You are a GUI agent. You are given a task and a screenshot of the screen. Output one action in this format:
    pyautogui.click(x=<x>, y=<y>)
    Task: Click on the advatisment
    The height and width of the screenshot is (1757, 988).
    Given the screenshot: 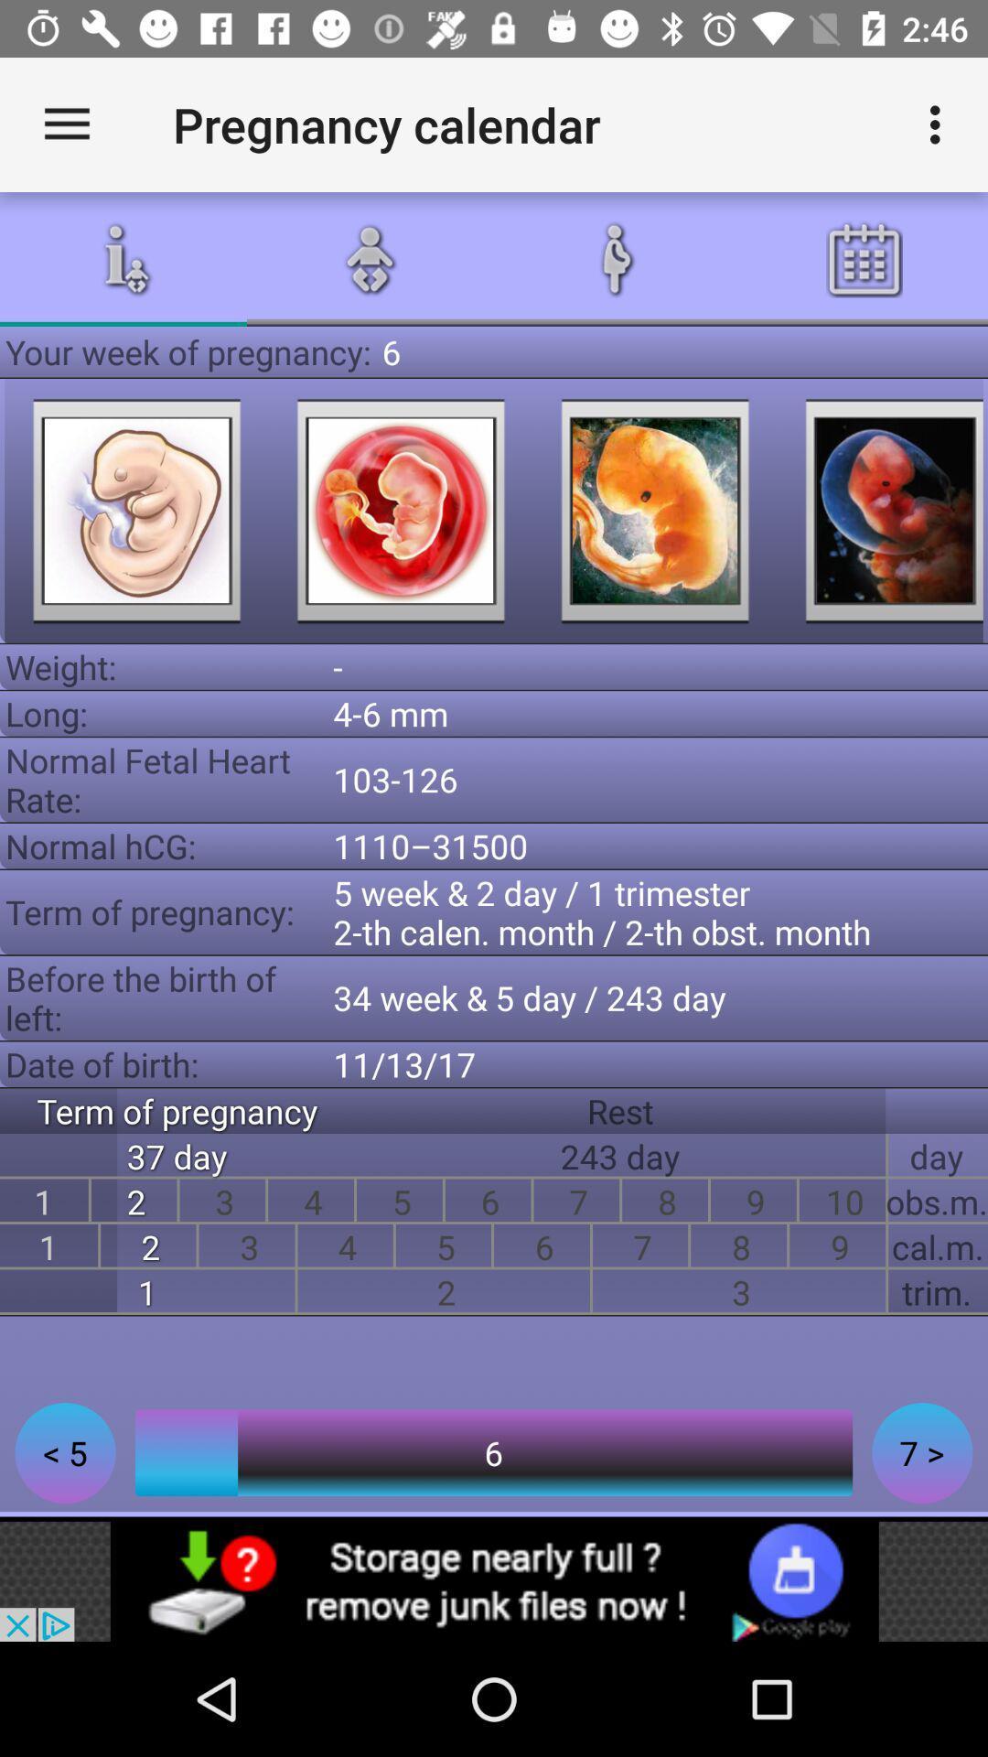 What is the action you would take?
    pyautogui.click(x=494, y=1580)
    